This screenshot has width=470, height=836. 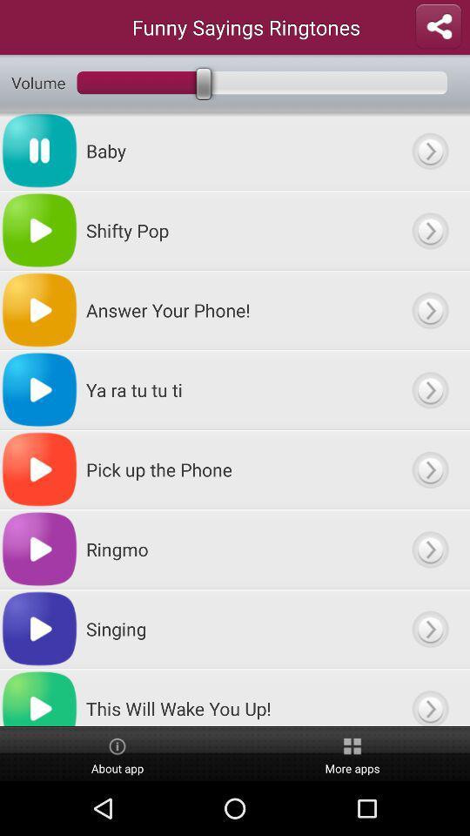 I want to click on open context menu, so click(x=429, y=229).